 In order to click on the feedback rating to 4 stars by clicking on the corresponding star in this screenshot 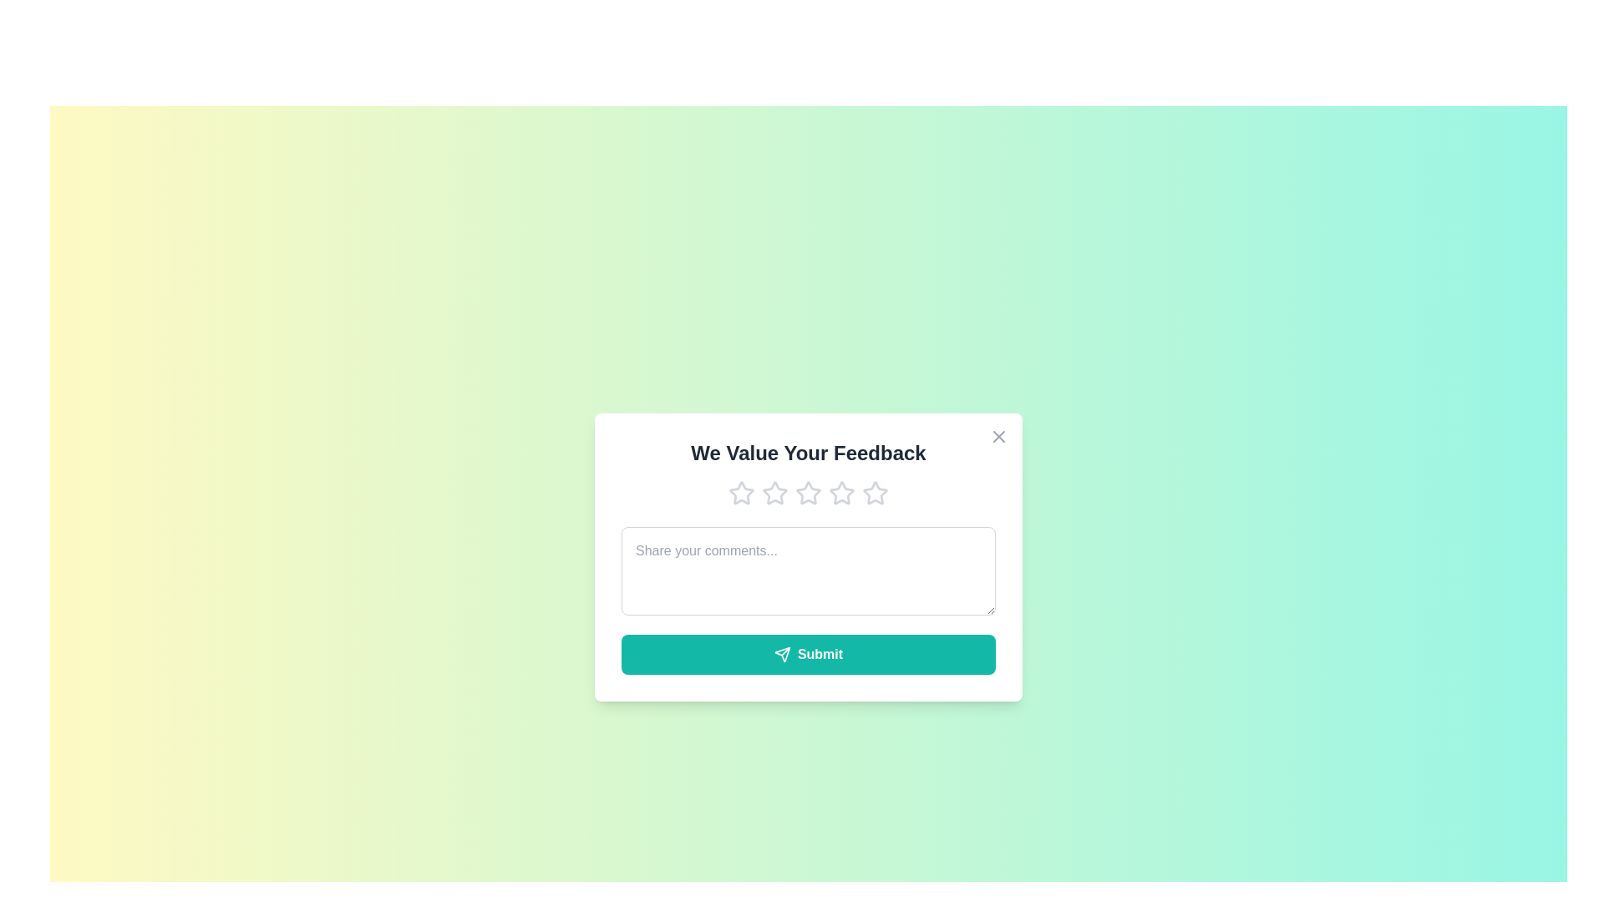, I will do `click(842, 492)`.